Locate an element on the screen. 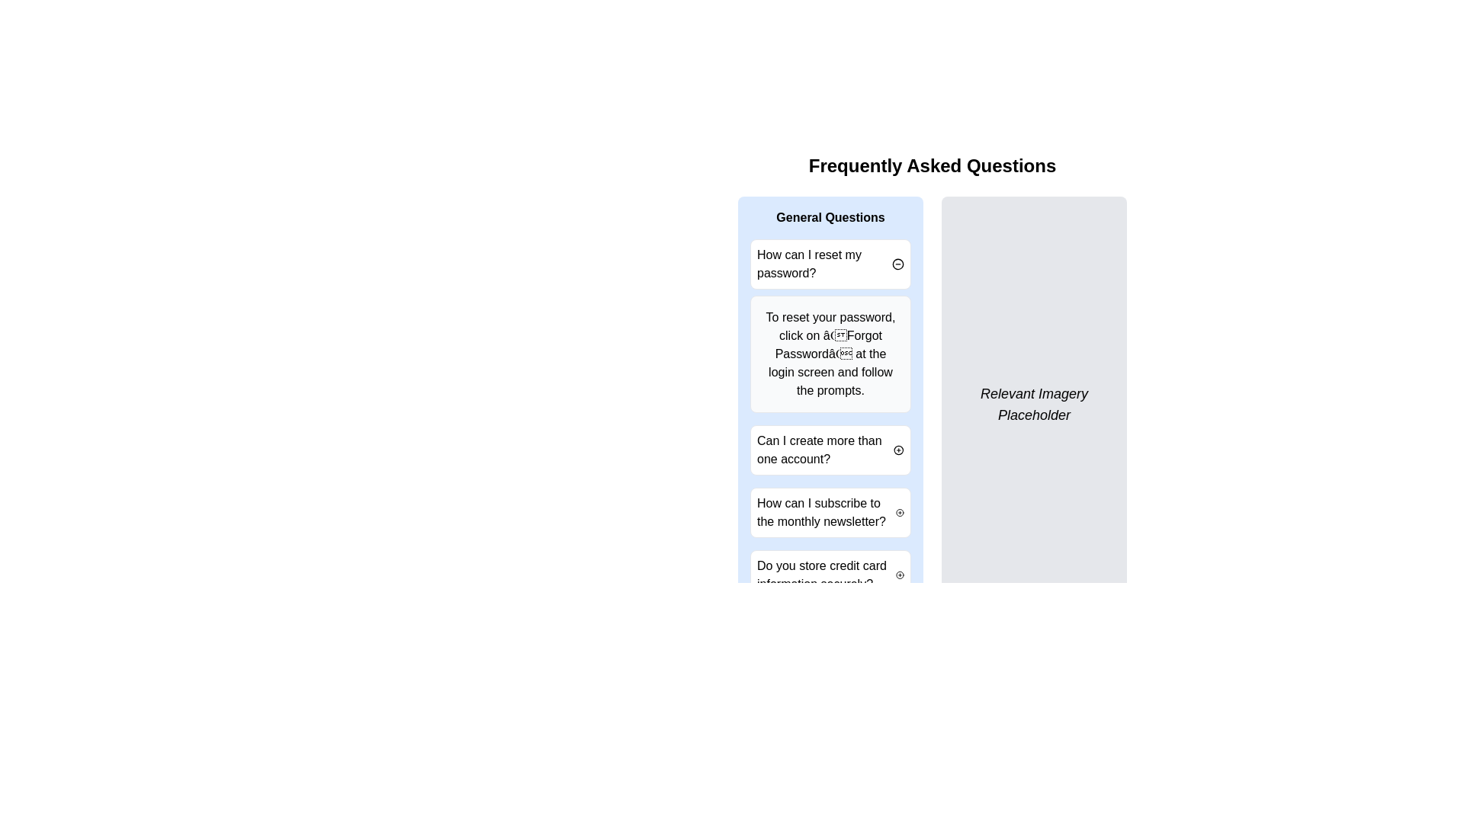 The width and height of the screenshot is (1464, 823). the plus icon (⨁) of the Expandable FAQ item titled 'Can I create more than one account?' is located at coordinates (830, 449).